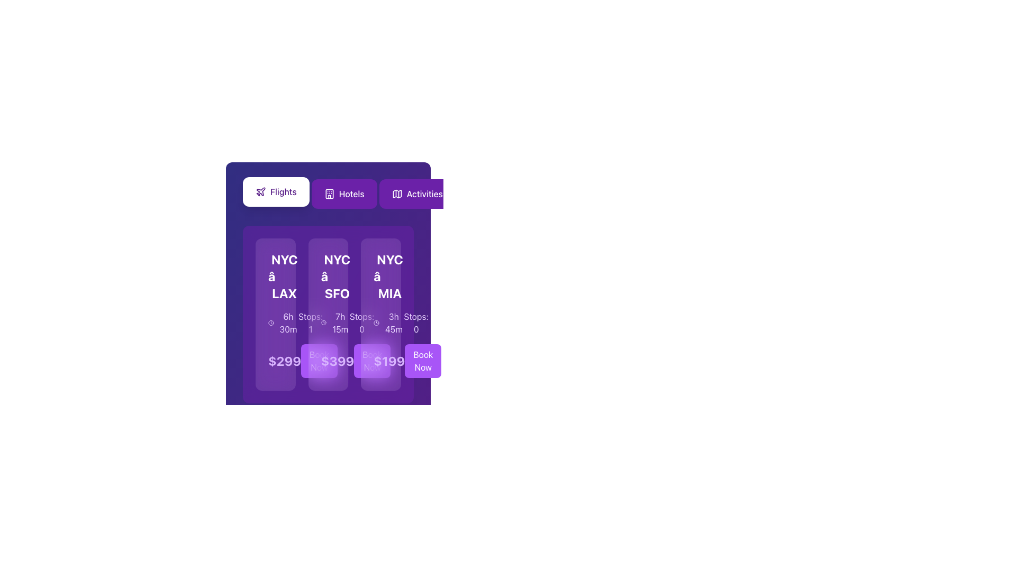 Image resolution: width=1016 pixels, height=571 pixels. I want to click on the clock icon located to the left of the '3h 45m' text group in the lower section of the 'NYC to MIA' card, which visually indicates time-related information, so click(376, 322).